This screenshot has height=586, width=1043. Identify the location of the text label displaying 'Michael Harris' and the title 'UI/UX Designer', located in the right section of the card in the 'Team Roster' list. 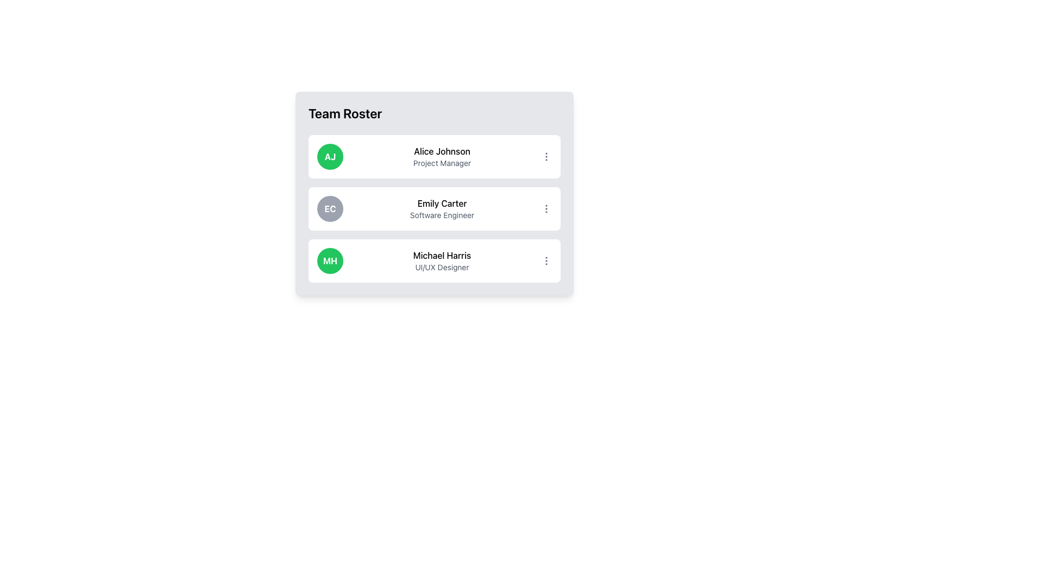
(442, 261).